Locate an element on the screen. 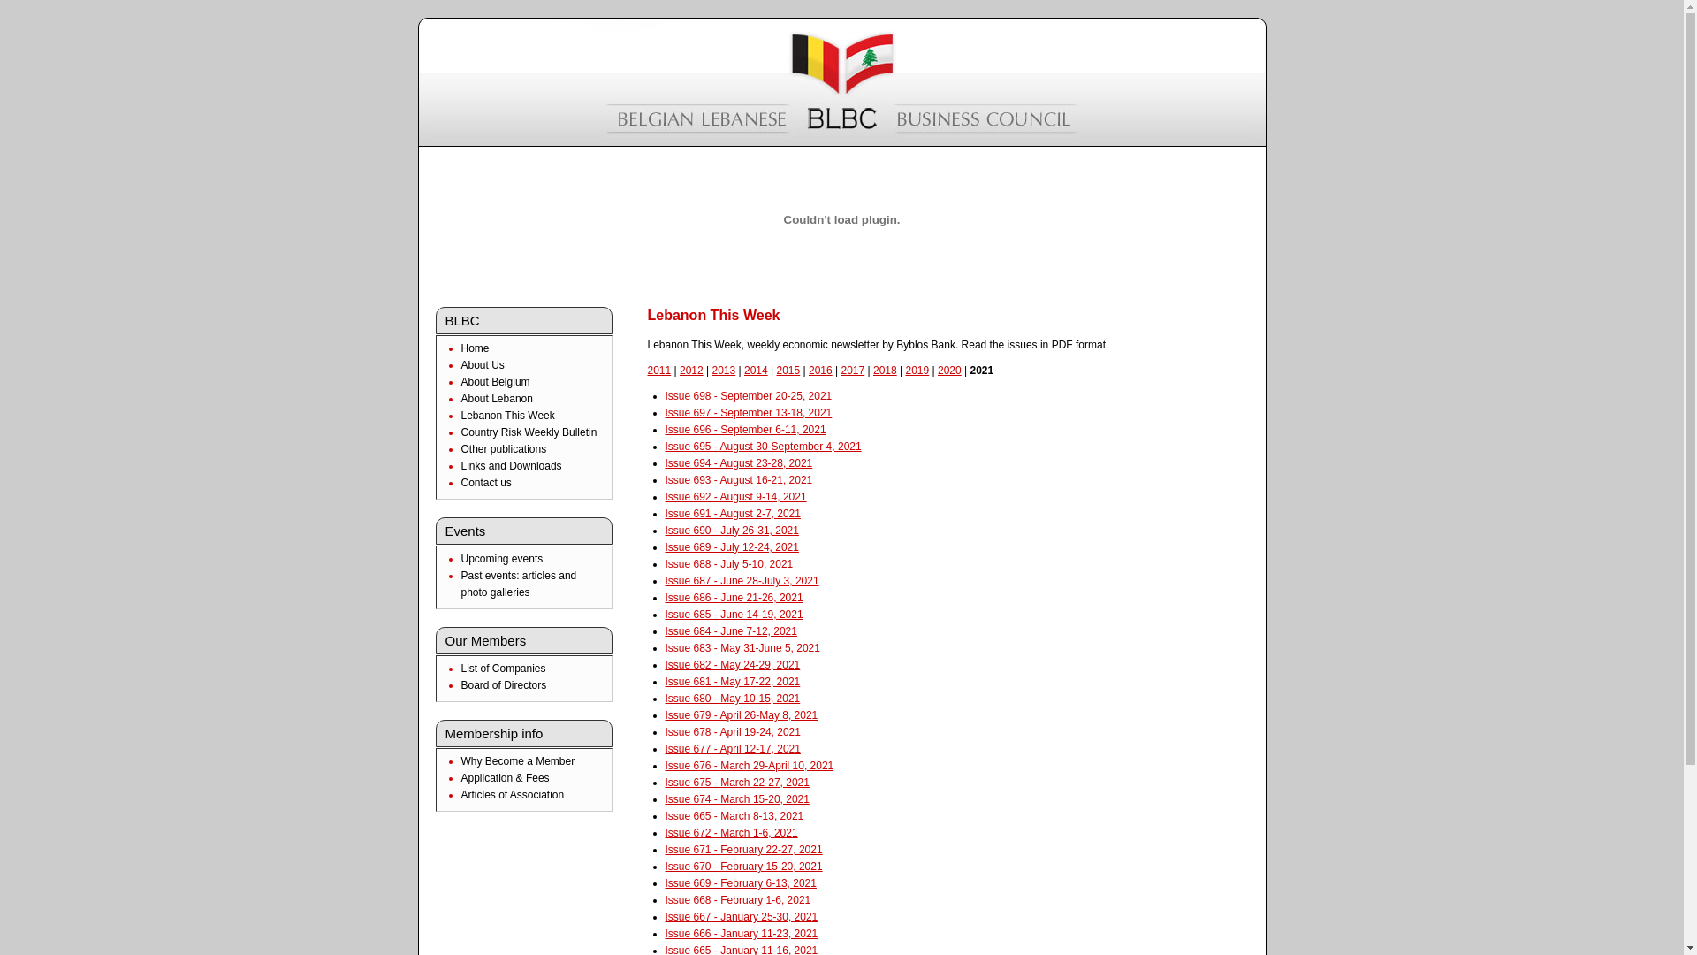  'Issue 691 - August 2-7, 2021' is located at coordinates (732, 514).